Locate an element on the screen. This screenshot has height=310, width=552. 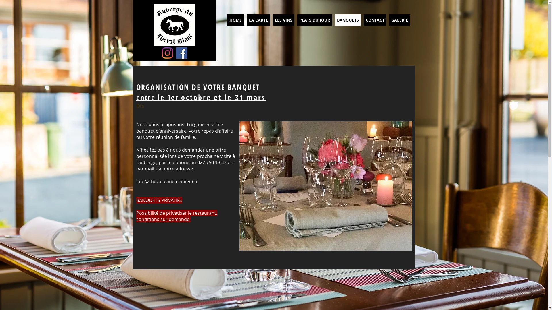
'PLATS DU JOUR' is located at coordinates (314, 20).